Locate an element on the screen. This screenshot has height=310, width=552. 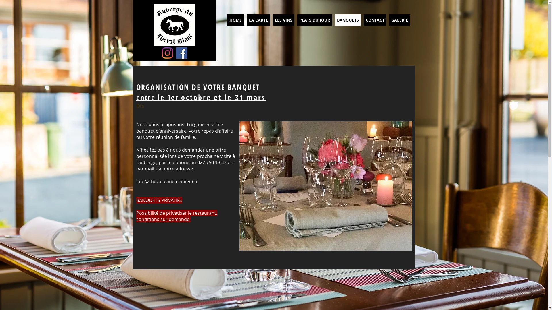
'PLATS DU JOUR' is located at coordinates (314, 20).